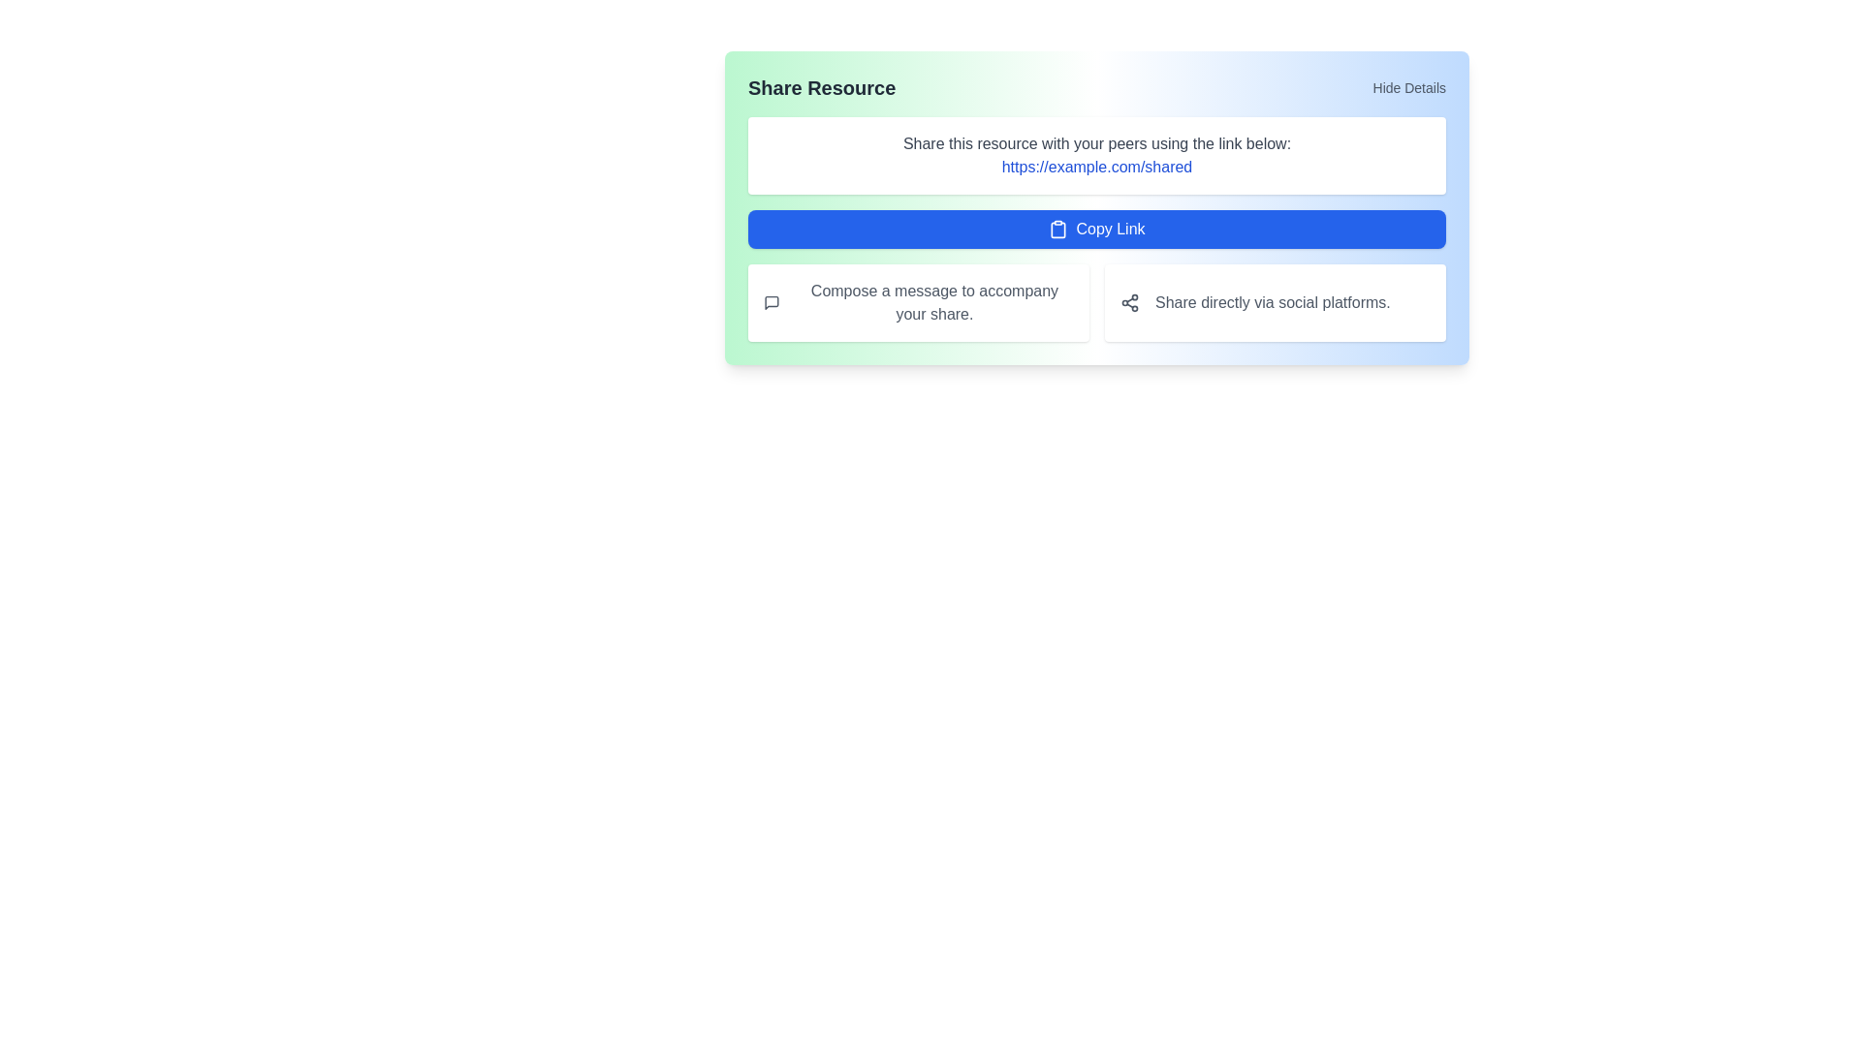 This screenshot has width=1861, height=1046. What do you see at coordinates (1275, 302) in the screenshot?
I see `the button-like component located in the bottom right section of the grid layout` at bounding box center [1275, 302].